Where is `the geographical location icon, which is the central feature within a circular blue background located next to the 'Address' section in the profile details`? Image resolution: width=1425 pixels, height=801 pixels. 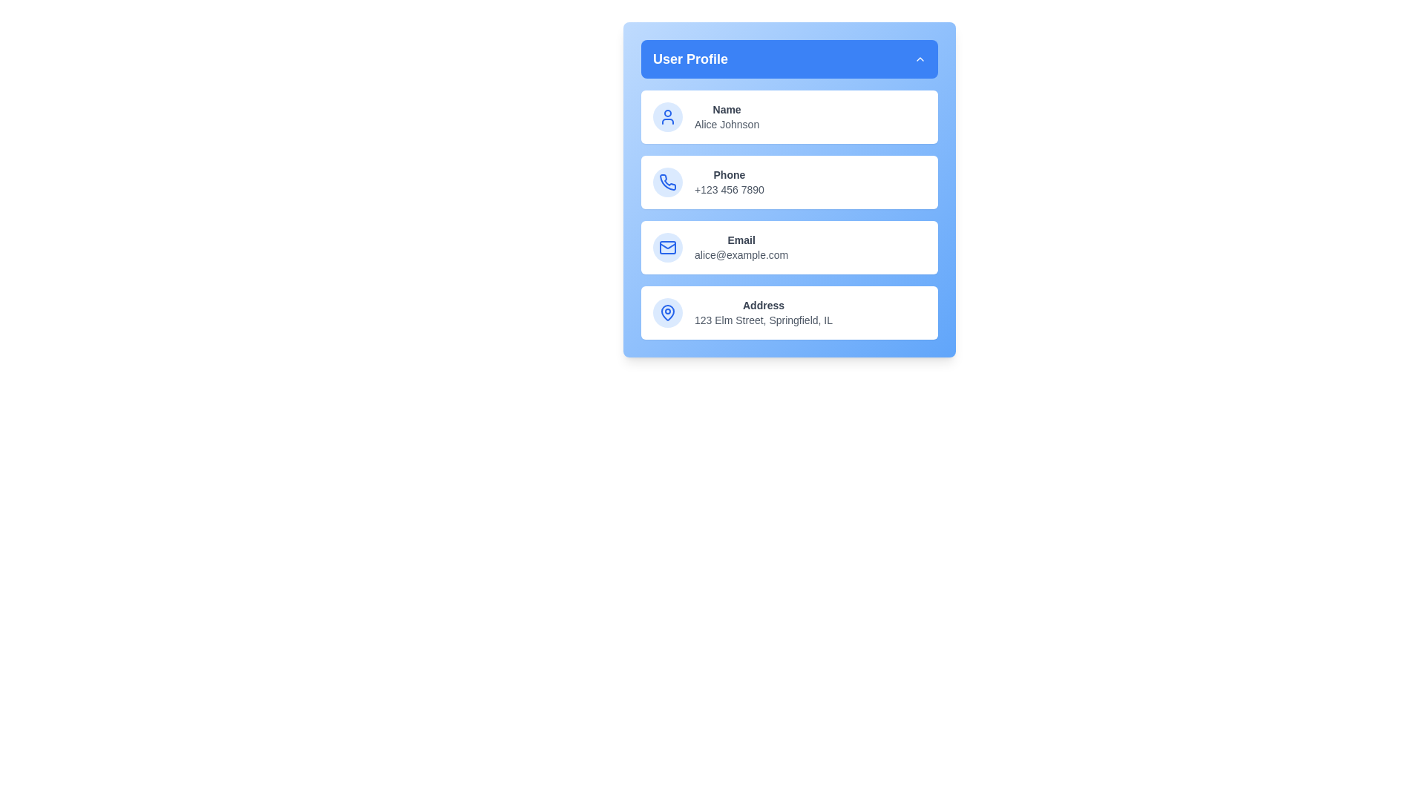
the geographical location icon, which is the central feature within a circular blue background located next to the 'Address' section in the profile details is located at coordinates (667, 311).